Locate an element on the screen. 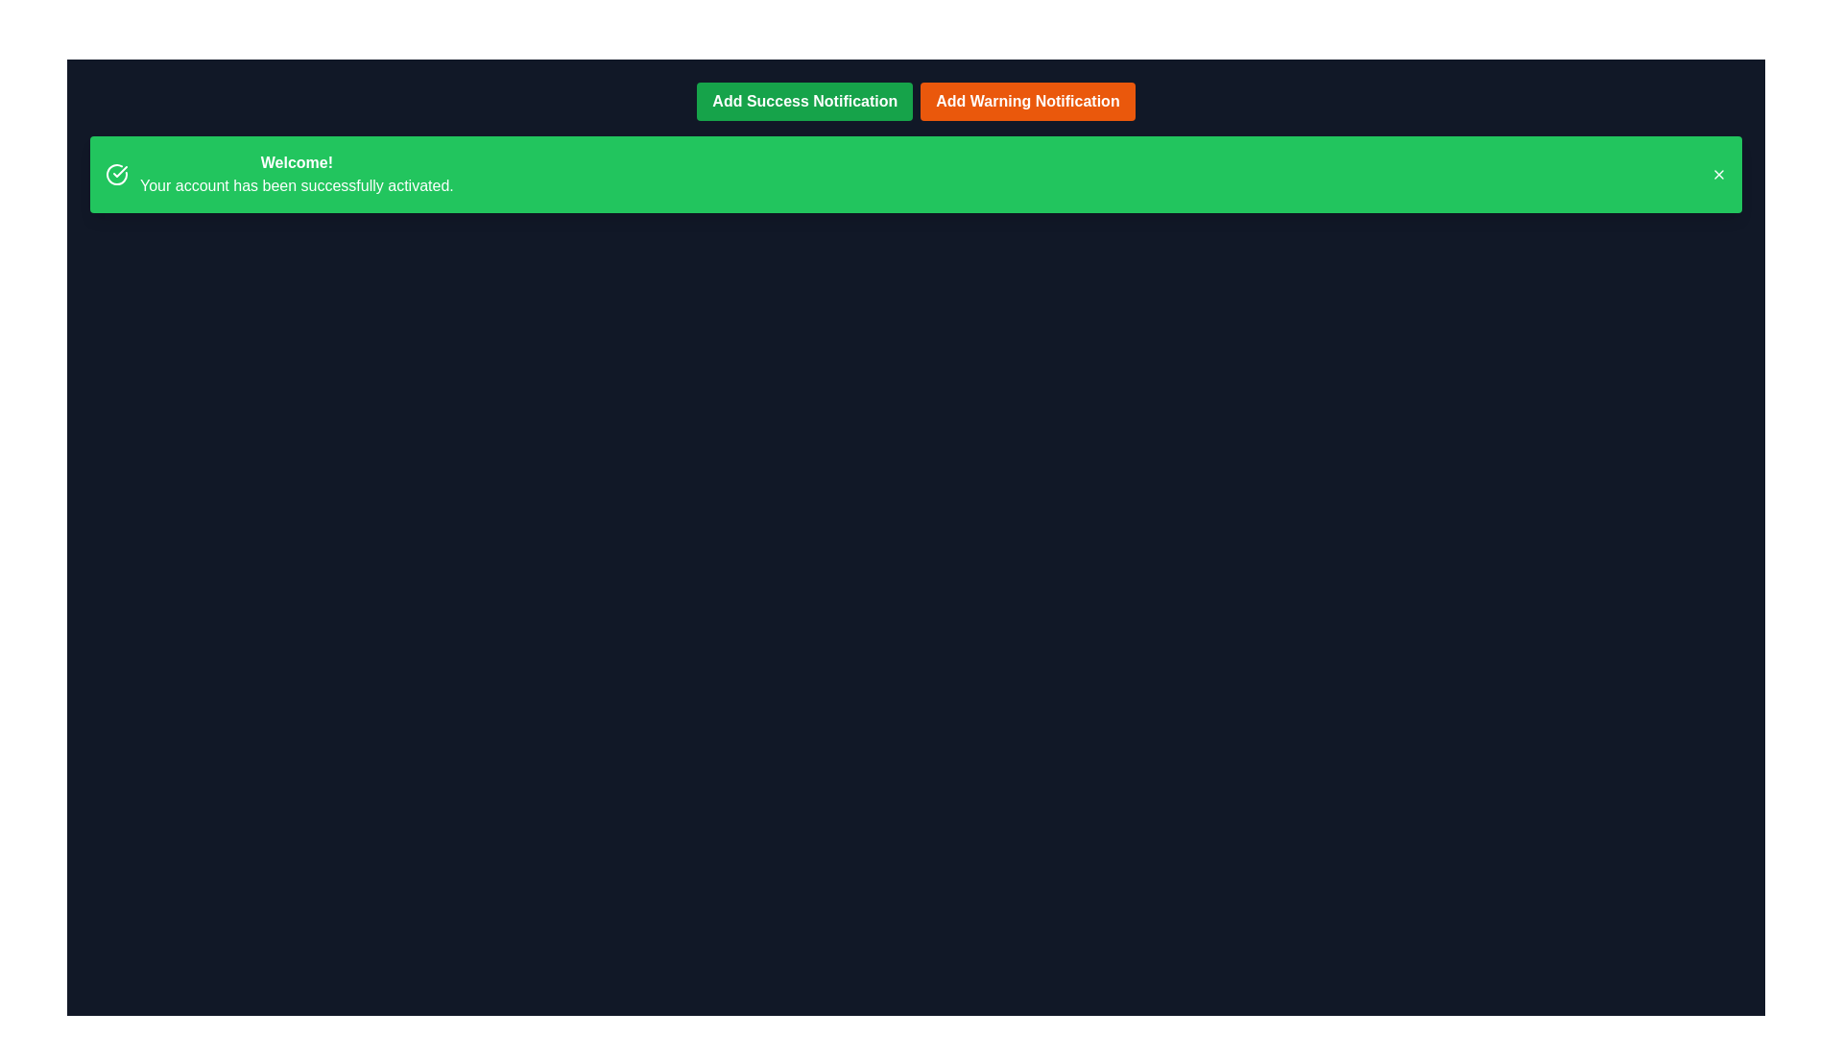  the 'Welcome!' text display located within the green notification bar at the top of the interface is located at coordinates (296, 174).